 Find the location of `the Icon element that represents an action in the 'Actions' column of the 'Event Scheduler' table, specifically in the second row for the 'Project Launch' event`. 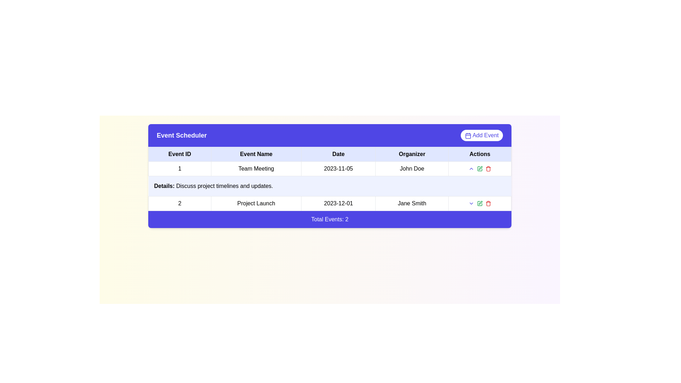

the Icon element that represents an action in the 'Actions' column of the 'Event Scheduler' table, specifically in the second row for the 'Project Launch' event is located at coordinates (480, 204).